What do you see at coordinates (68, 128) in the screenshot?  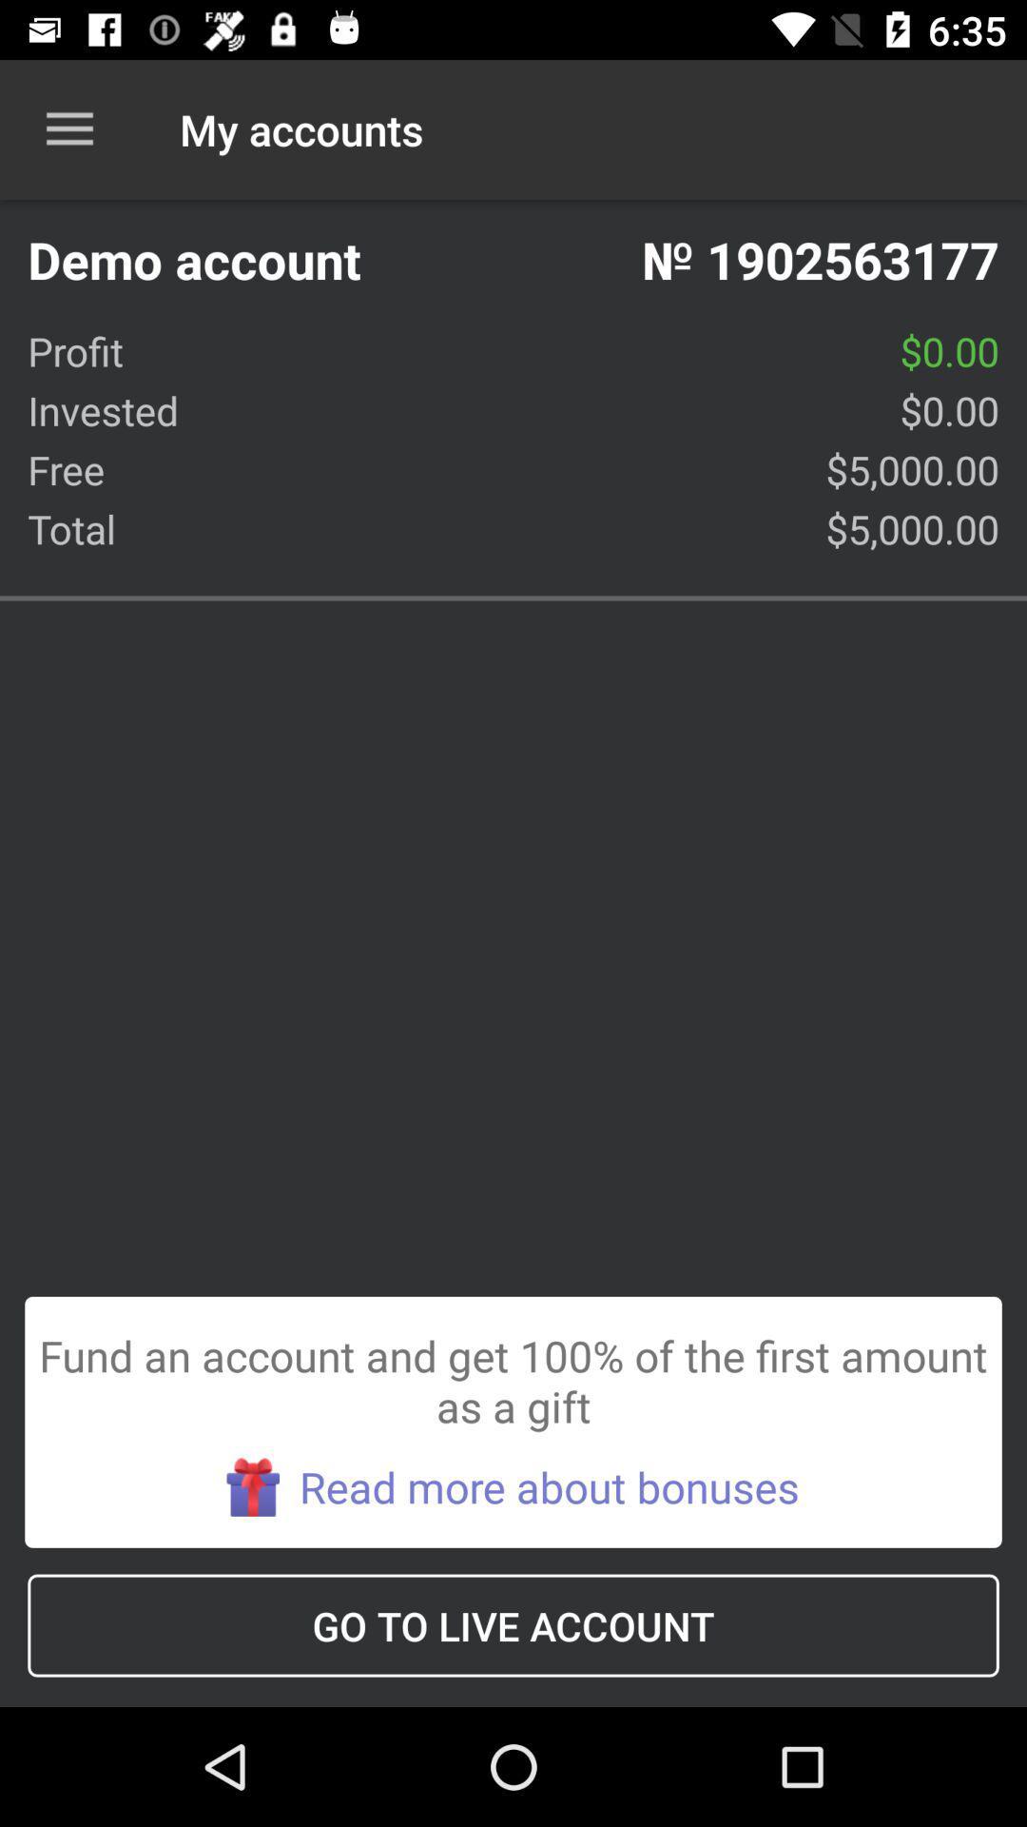 I see `the icon to the left of the my accounts item` at bounding box center [68, 128].